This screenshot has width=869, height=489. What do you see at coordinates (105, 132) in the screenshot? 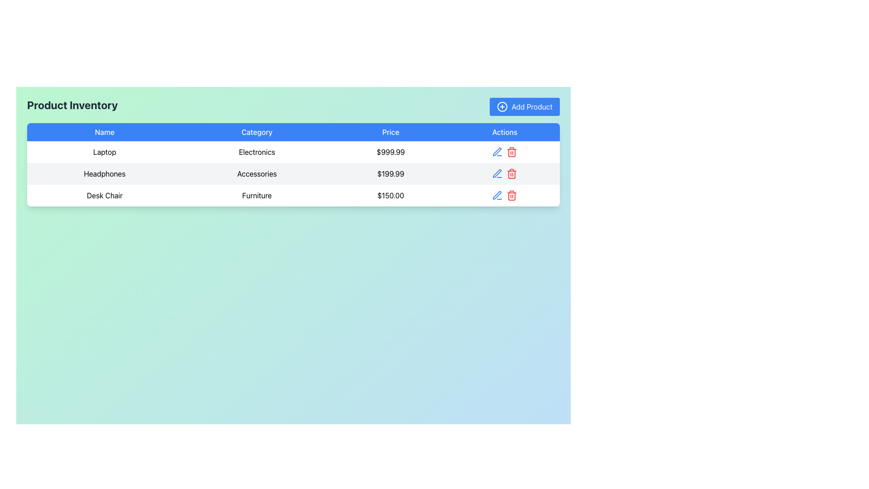
I see `the 'Name' header label, which is a rectangular label with a blue background and white bold text, positioned at the top-left of the table header` at bounding box center [105, 132].